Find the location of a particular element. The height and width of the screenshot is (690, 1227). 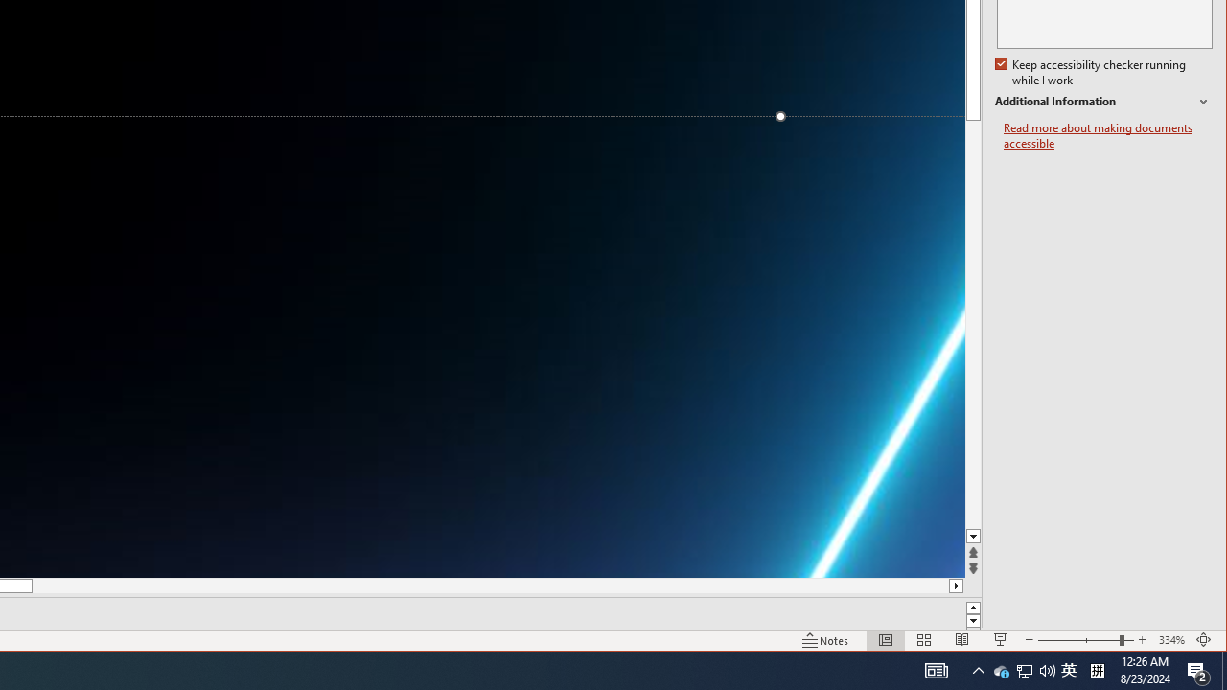

'Q2790: 100%' is located at coordinates (1024, 669).